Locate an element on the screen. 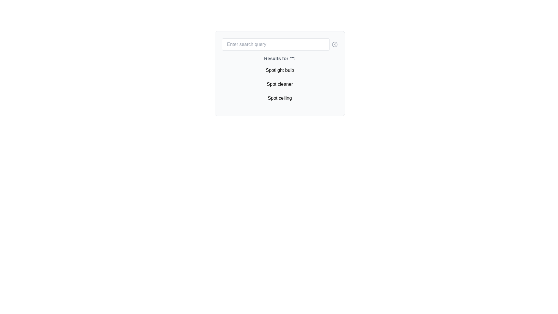 Image resolution: width=558 pixels, height=314 pixels. the non-interactive text element displaying 'Spot ceiling', specifically targeting the 13th character which is part of the word 'ceiling' is located at coordinates (284, 98).